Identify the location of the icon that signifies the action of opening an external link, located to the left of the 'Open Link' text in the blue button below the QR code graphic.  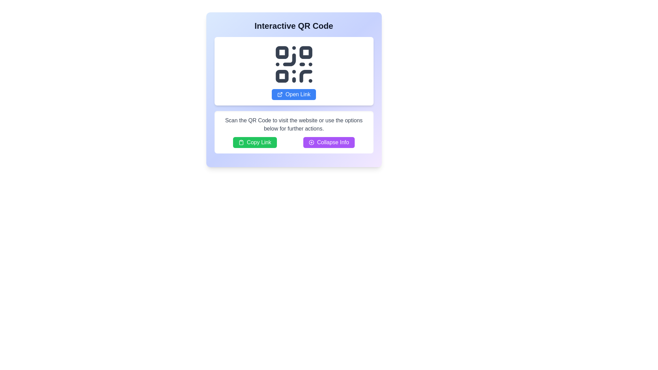
(280, 95).